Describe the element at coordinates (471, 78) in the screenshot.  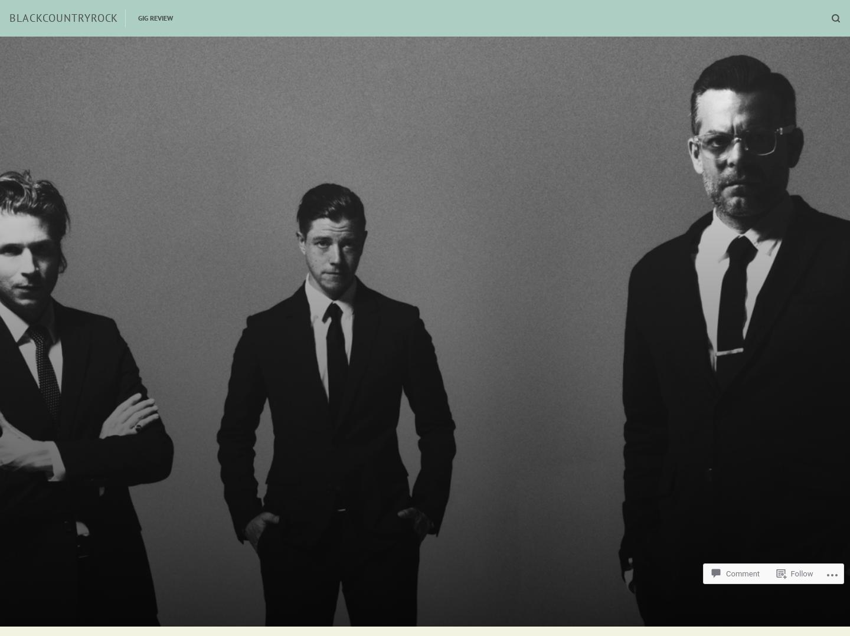
I see `'Relevance'` at that location.